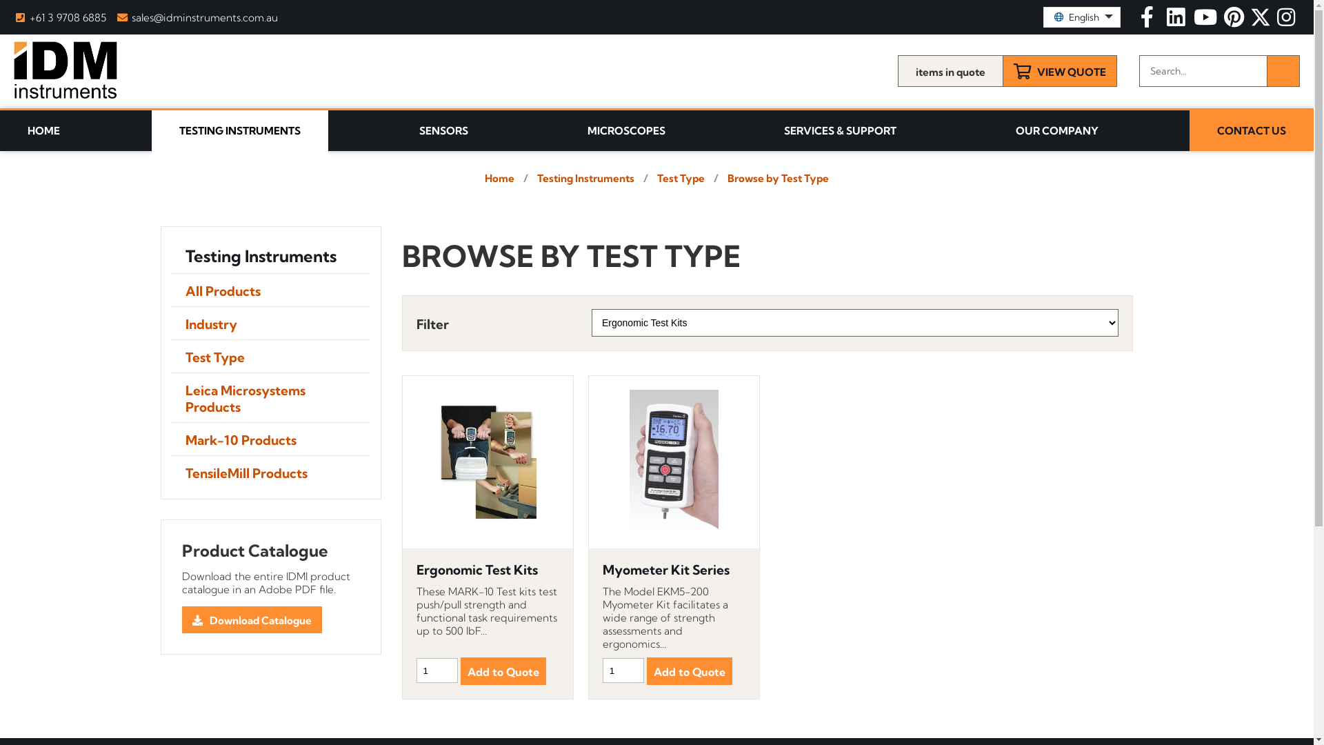  I want to click on 'SERVICES & SUPPORT', so click(839, 130).